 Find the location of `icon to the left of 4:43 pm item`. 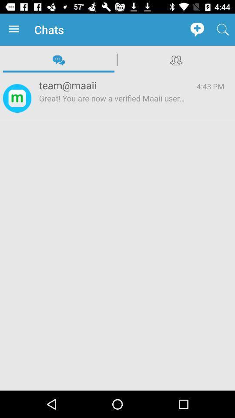

icon to the left of 4:43 pm item is located at coordinates (112, 85).